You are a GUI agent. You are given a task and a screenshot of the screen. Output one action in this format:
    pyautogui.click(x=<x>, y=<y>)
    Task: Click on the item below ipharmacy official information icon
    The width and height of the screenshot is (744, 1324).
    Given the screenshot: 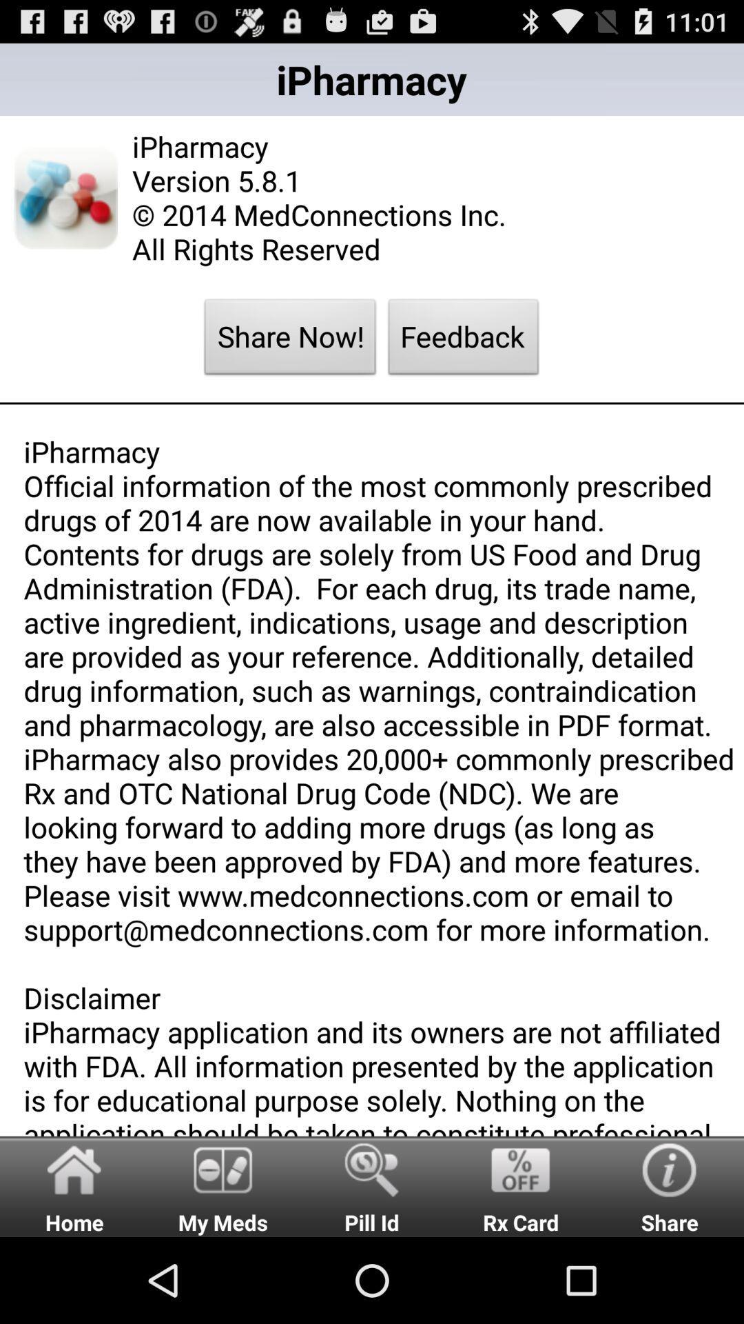 What is the action you would take?
    pyautogui.click(x=223, y=1185)
    